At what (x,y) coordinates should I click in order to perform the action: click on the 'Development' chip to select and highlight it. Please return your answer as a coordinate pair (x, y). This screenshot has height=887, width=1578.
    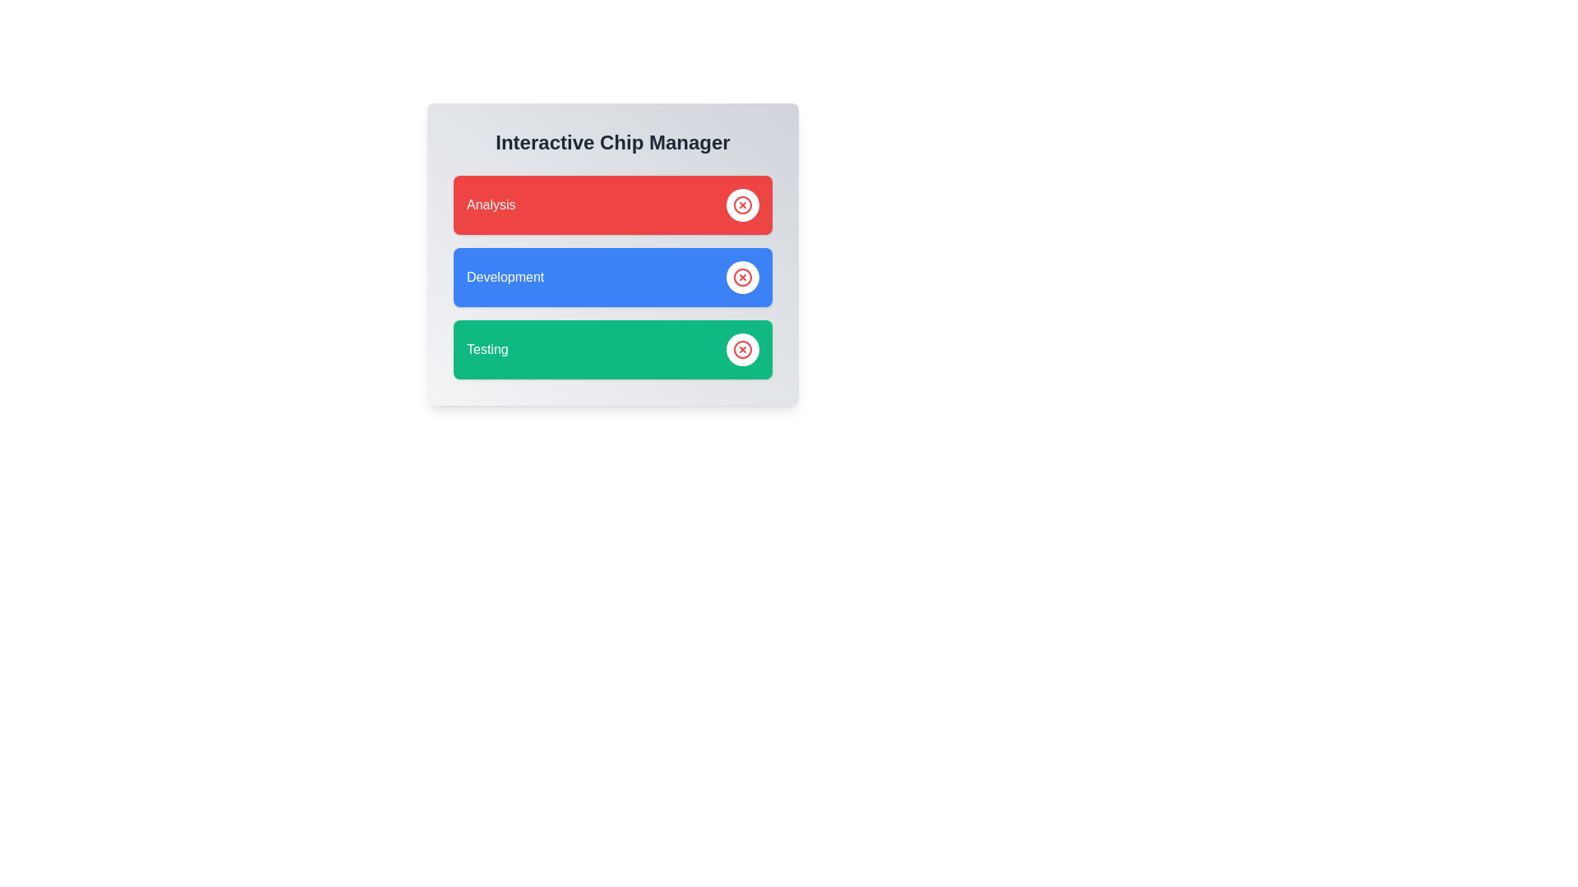
    Looking at the image, I should click on (611, 277).